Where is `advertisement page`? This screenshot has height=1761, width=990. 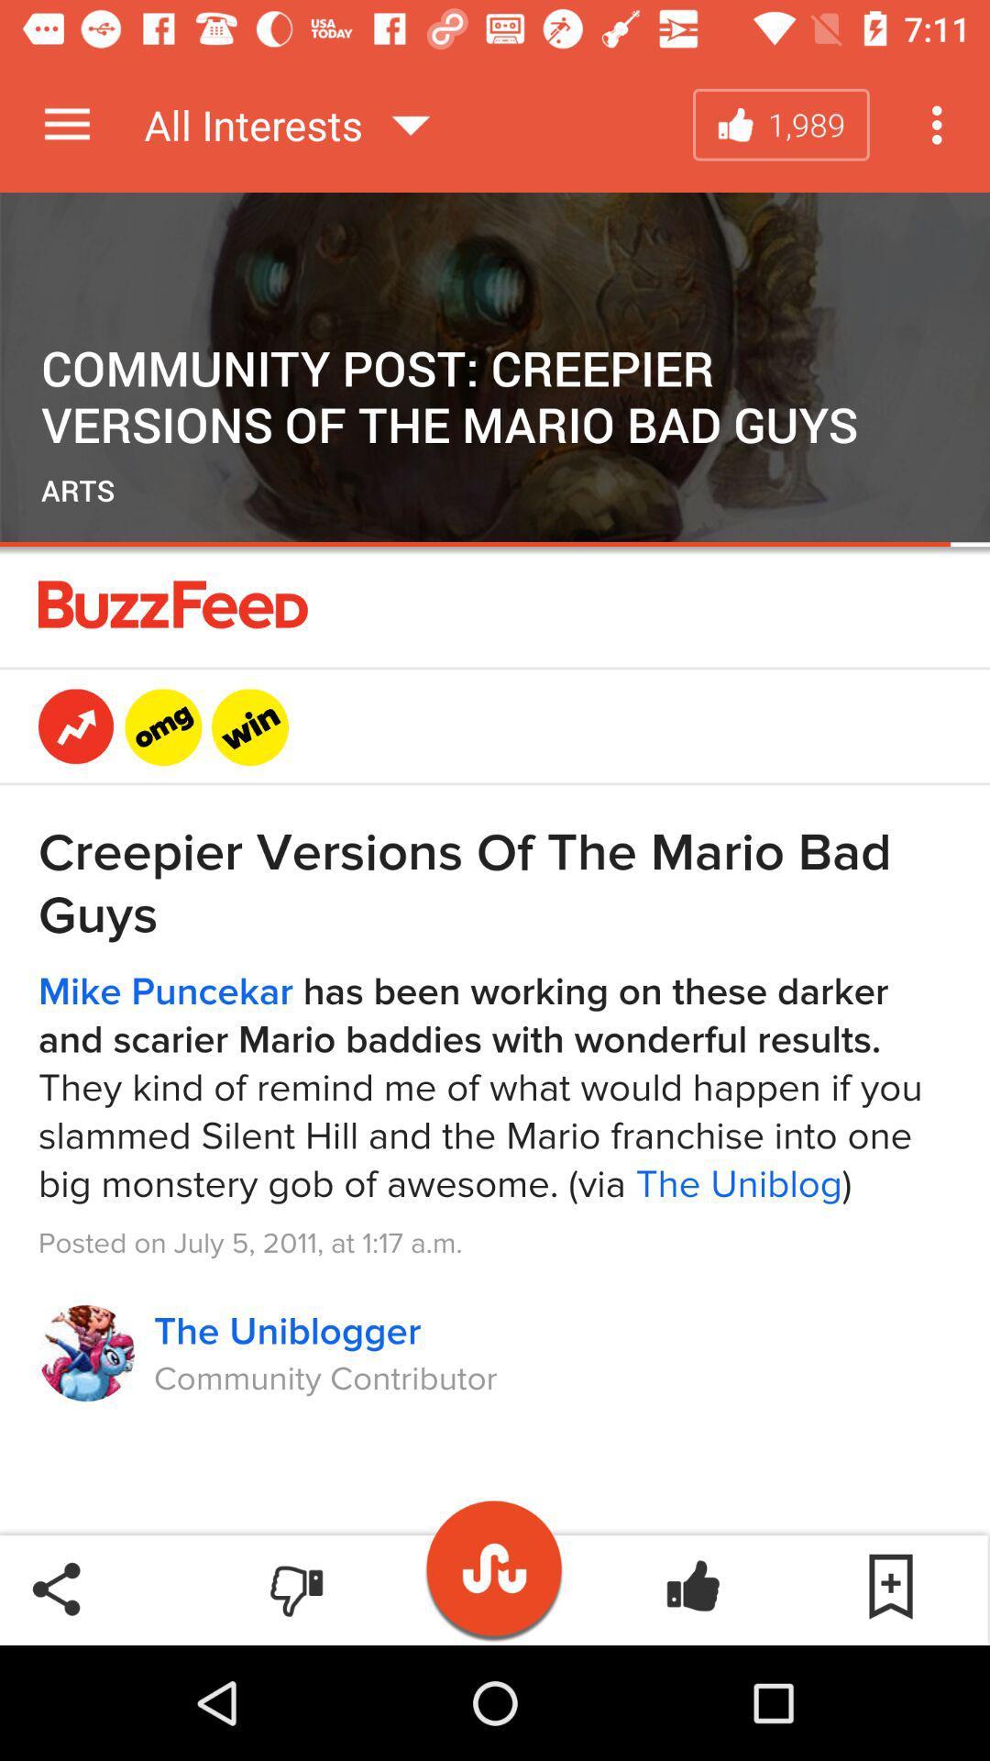 advertisement page is located at coordinates (495, 1039).